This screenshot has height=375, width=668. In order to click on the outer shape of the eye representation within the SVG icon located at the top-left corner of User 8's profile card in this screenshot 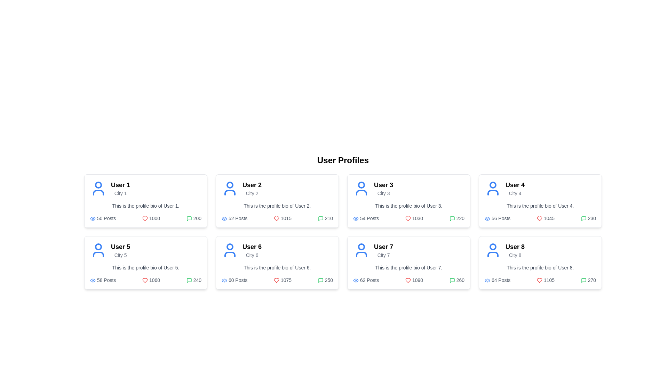, I will do `click(487, 280)`.